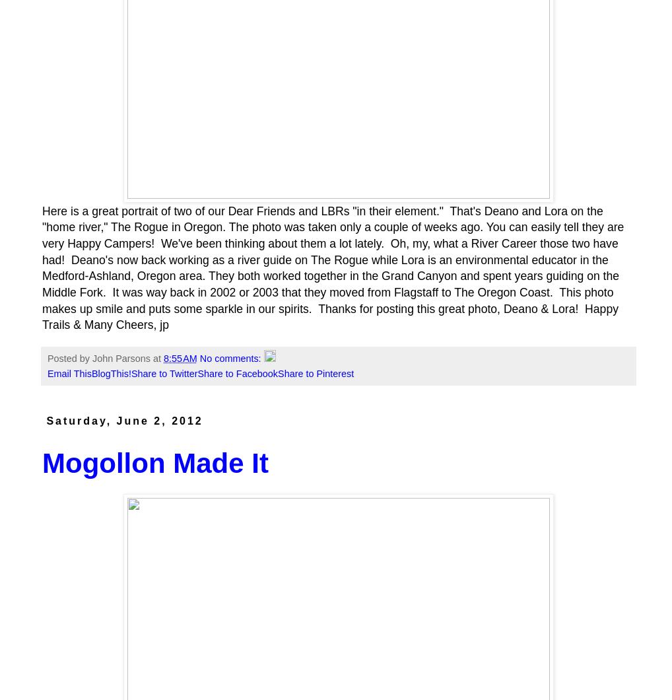 This screenshot has height=700, width=672. Describe the element at coordinates (154, 462) in the screenshot. I see `'Mogollon Made It'` at that location.